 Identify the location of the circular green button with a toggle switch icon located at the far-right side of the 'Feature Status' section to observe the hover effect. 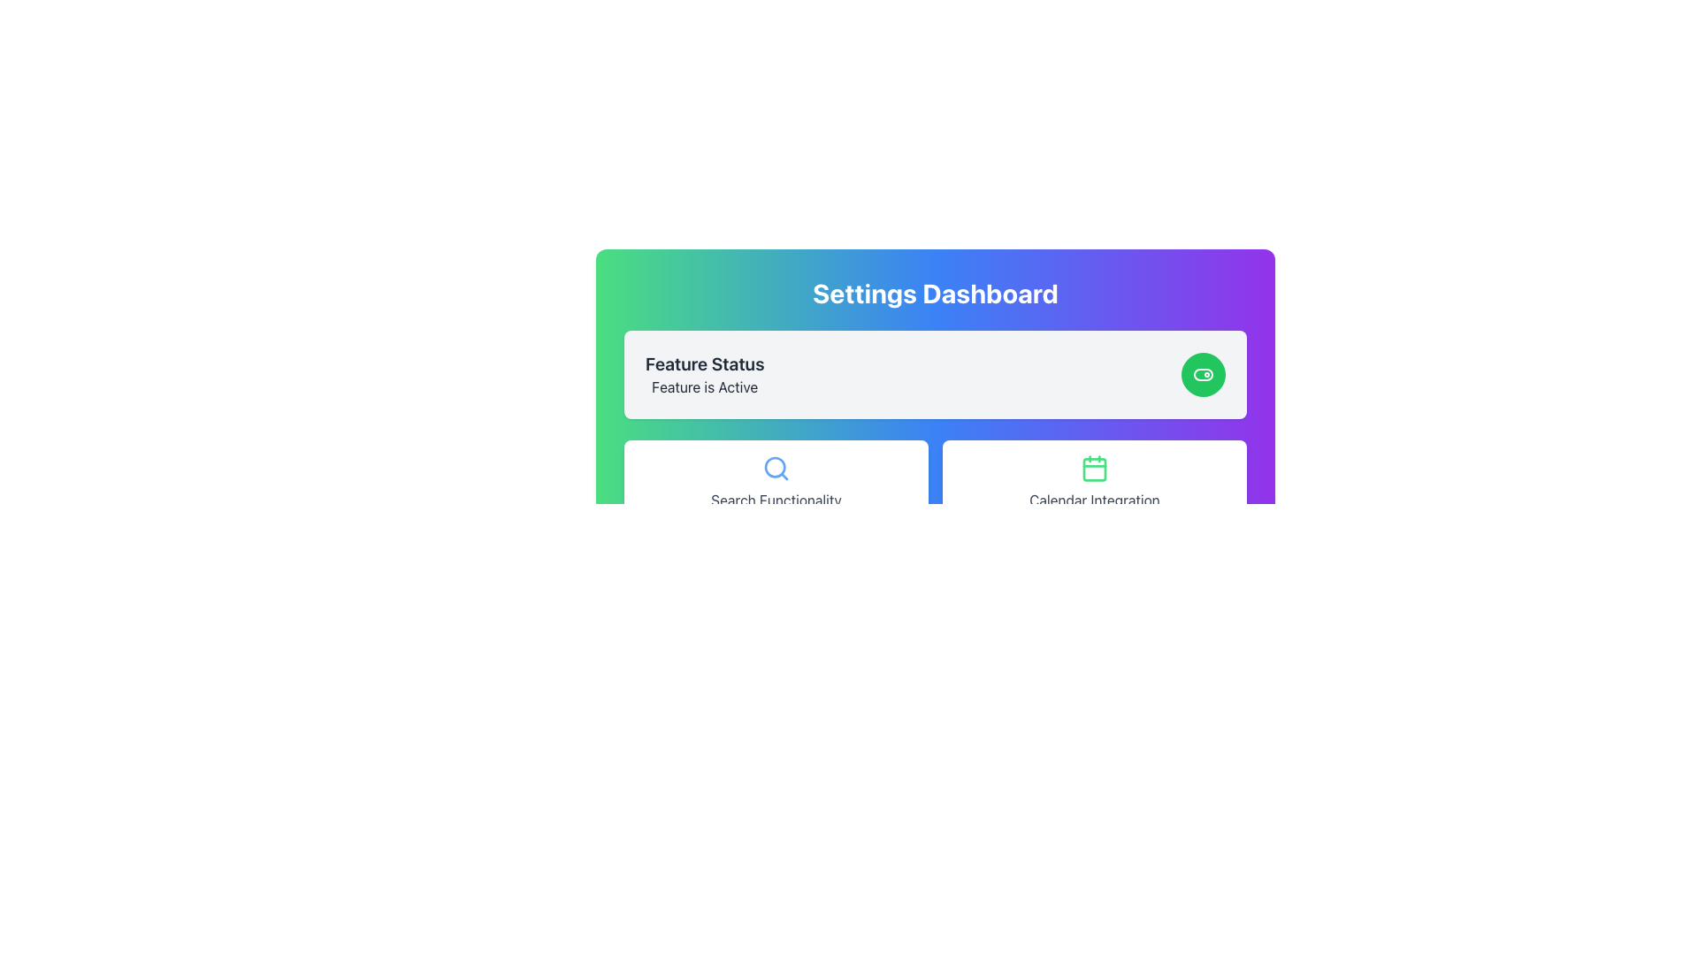
(1203, 374).